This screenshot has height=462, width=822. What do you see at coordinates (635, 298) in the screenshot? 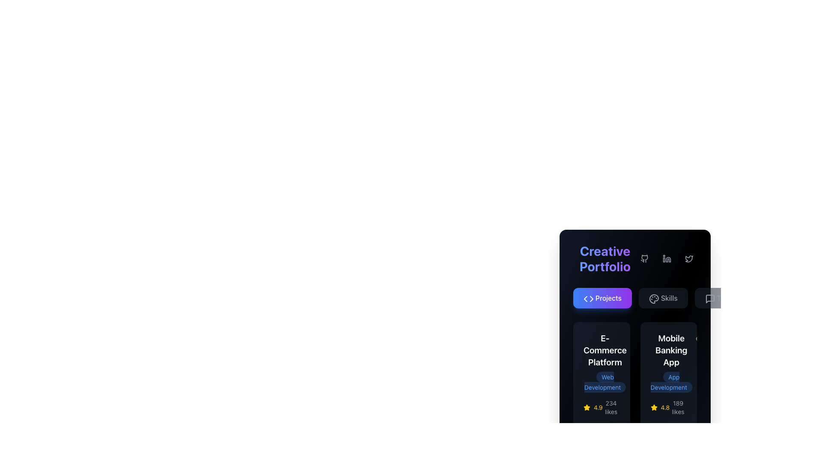
I see `the 'Projects' button in the navigation menu, which has a gradient background transitioning from blue to purple` at bounding box center [635, 298].